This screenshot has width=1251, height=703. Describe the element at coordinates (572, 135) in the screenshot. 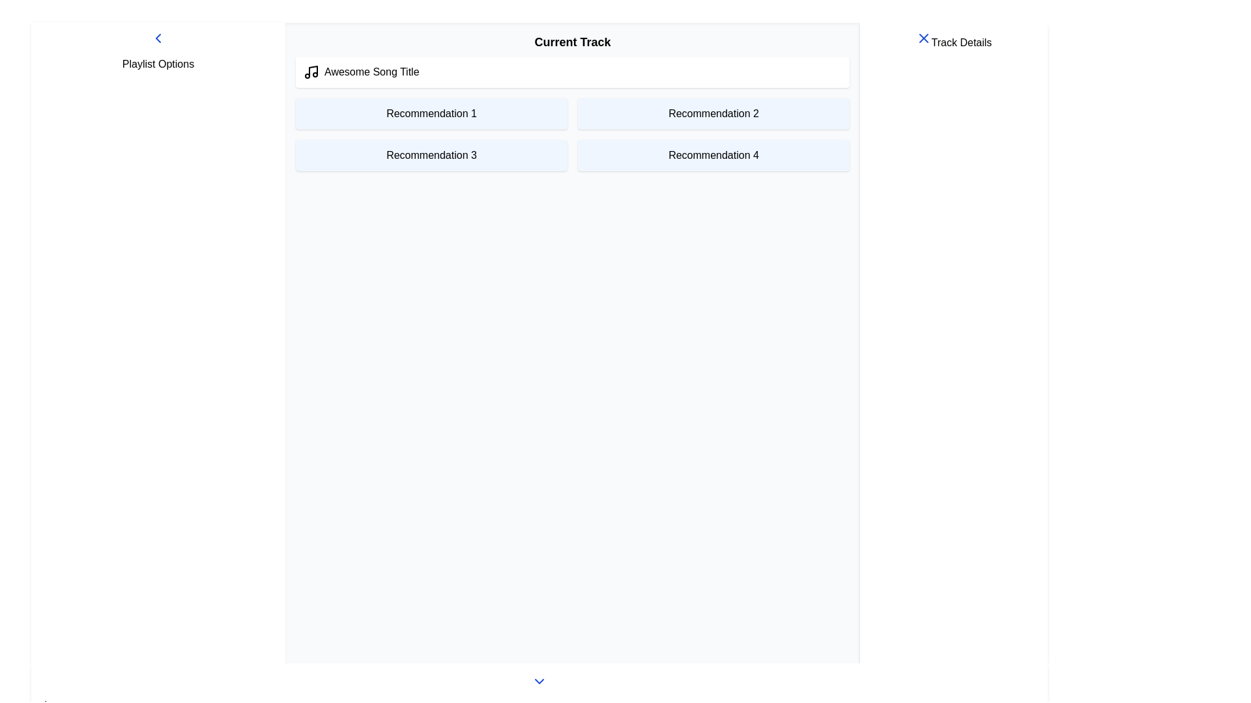

I see `the central panel of the grid layout containing four labeled panels` at that location.